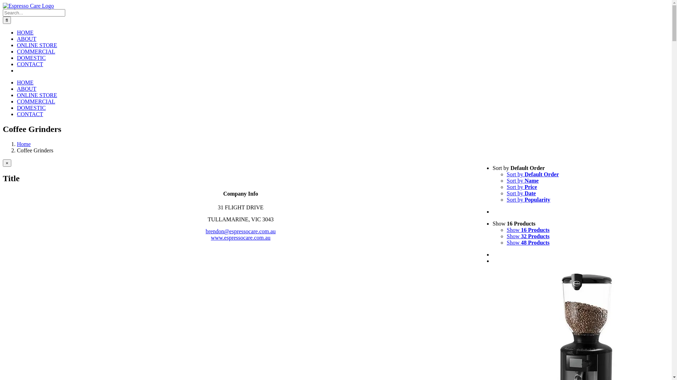 This screenshot has height=380, width=677. I want to click on 'brendon@espressocare.com.au', so click(205, 231).